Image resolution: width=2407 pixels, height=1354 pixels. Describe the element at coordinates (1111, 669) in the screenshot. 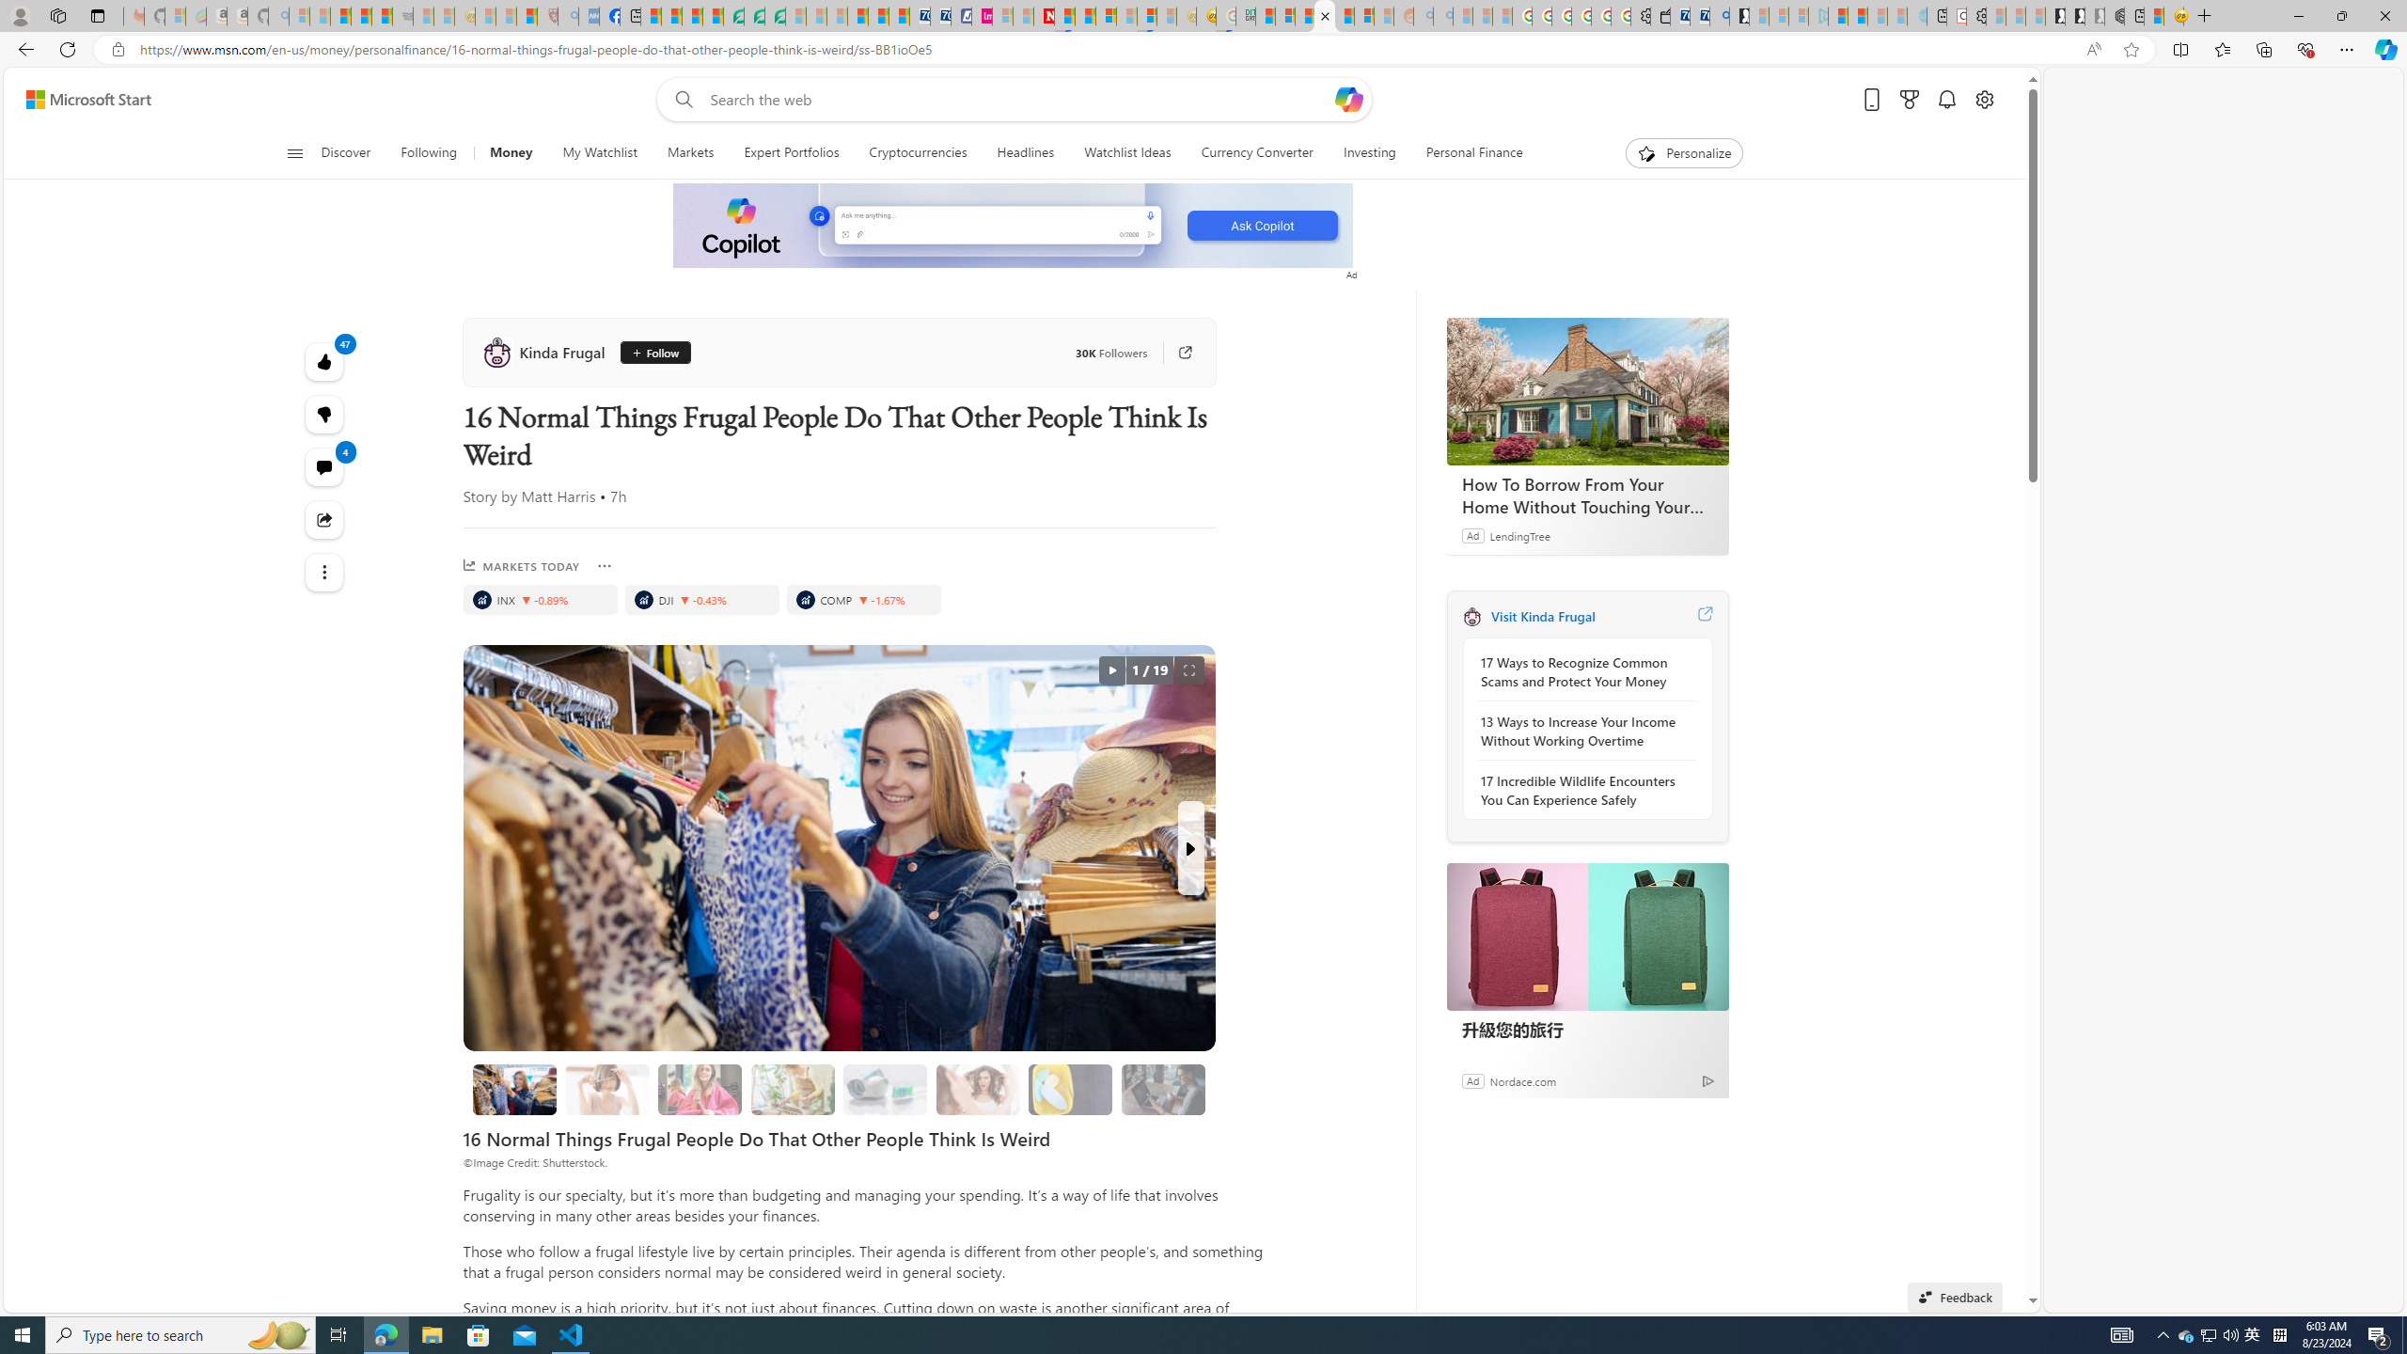

I see `'autorotate button'` at that location.